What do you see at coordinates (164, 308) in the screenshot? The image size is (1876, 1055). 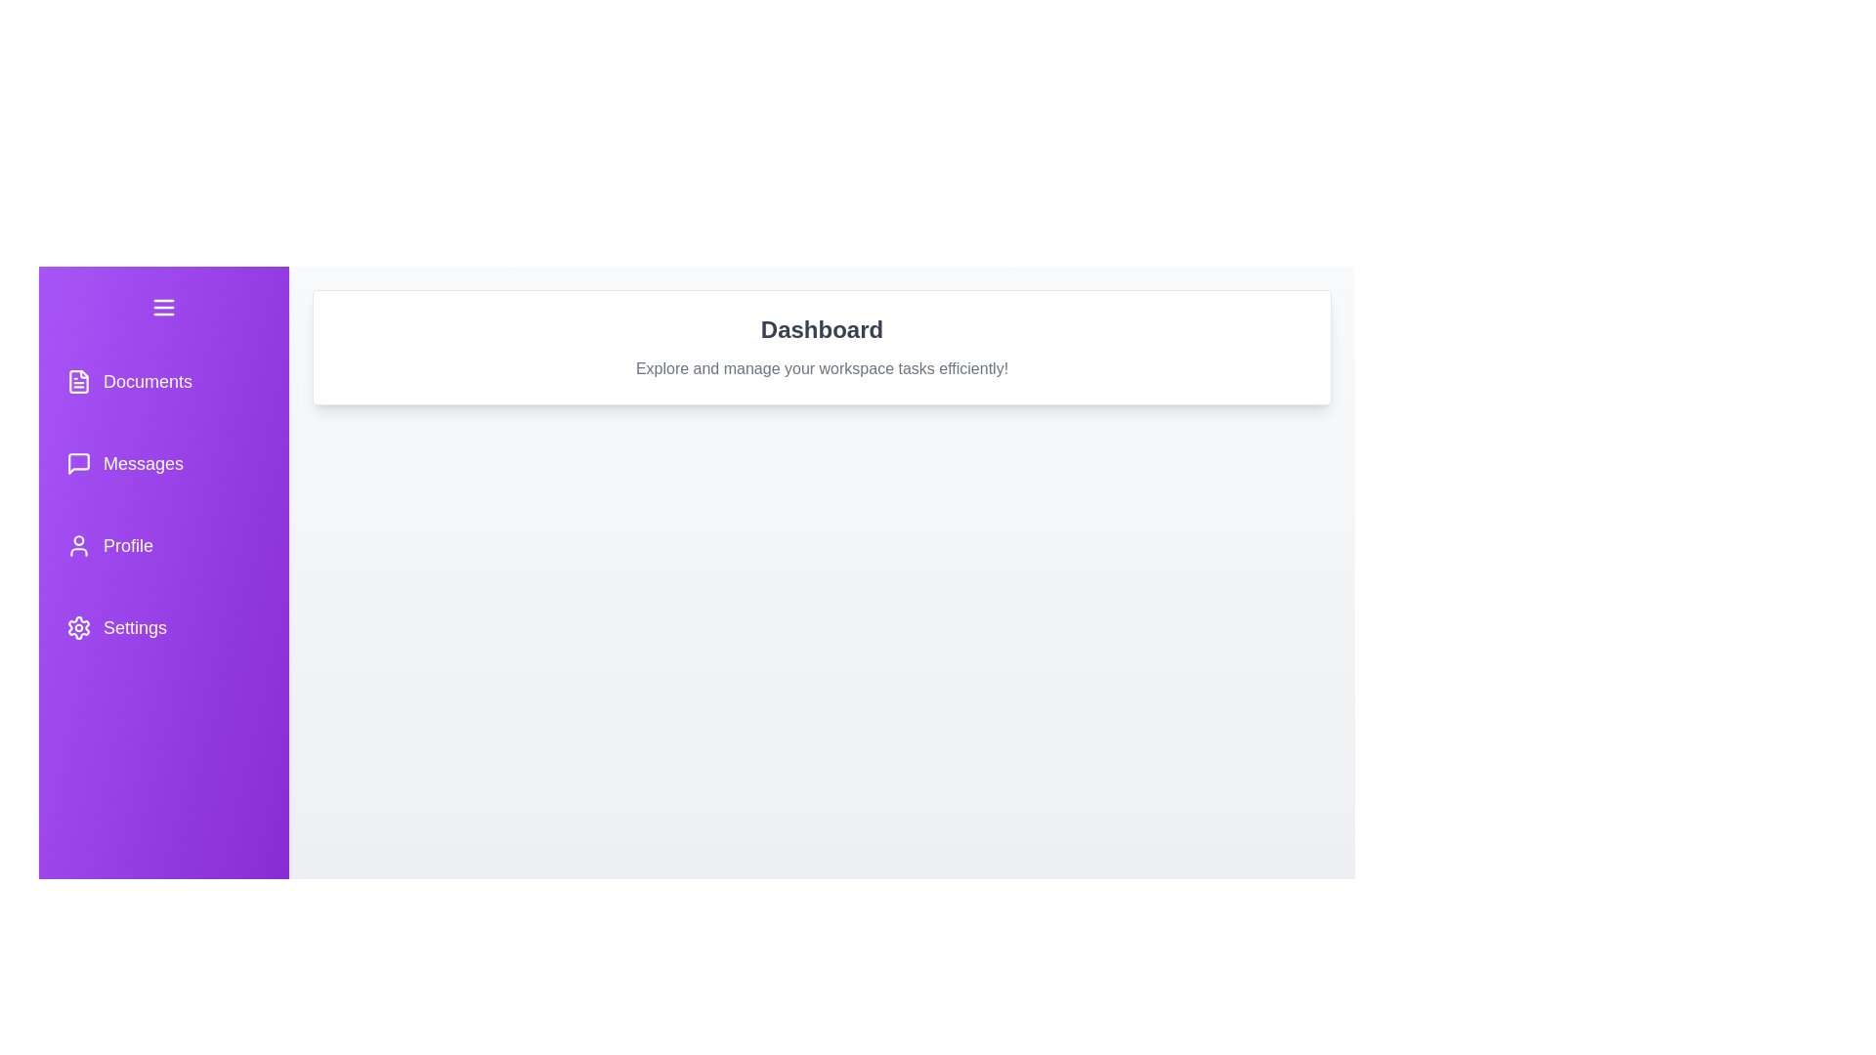 I see `the toggle button to change the drawer's visibility` at bounding box center [164, 308].